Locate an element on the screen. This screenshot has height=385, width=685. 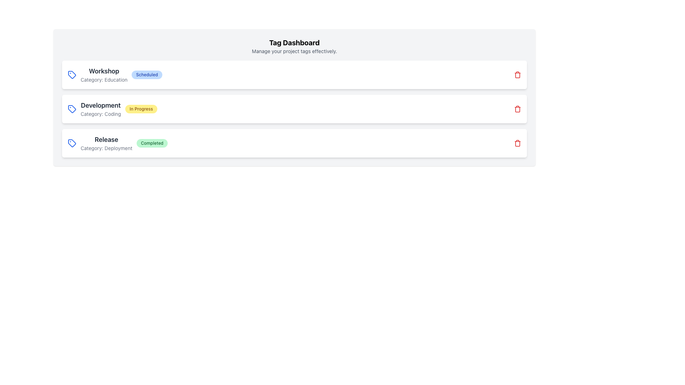
the decorative icon representing the 'Development' category in the Tag Dashboard, which is located adjacent to the label and status indicator 'In Progress' is located at coordinates (72, 109).